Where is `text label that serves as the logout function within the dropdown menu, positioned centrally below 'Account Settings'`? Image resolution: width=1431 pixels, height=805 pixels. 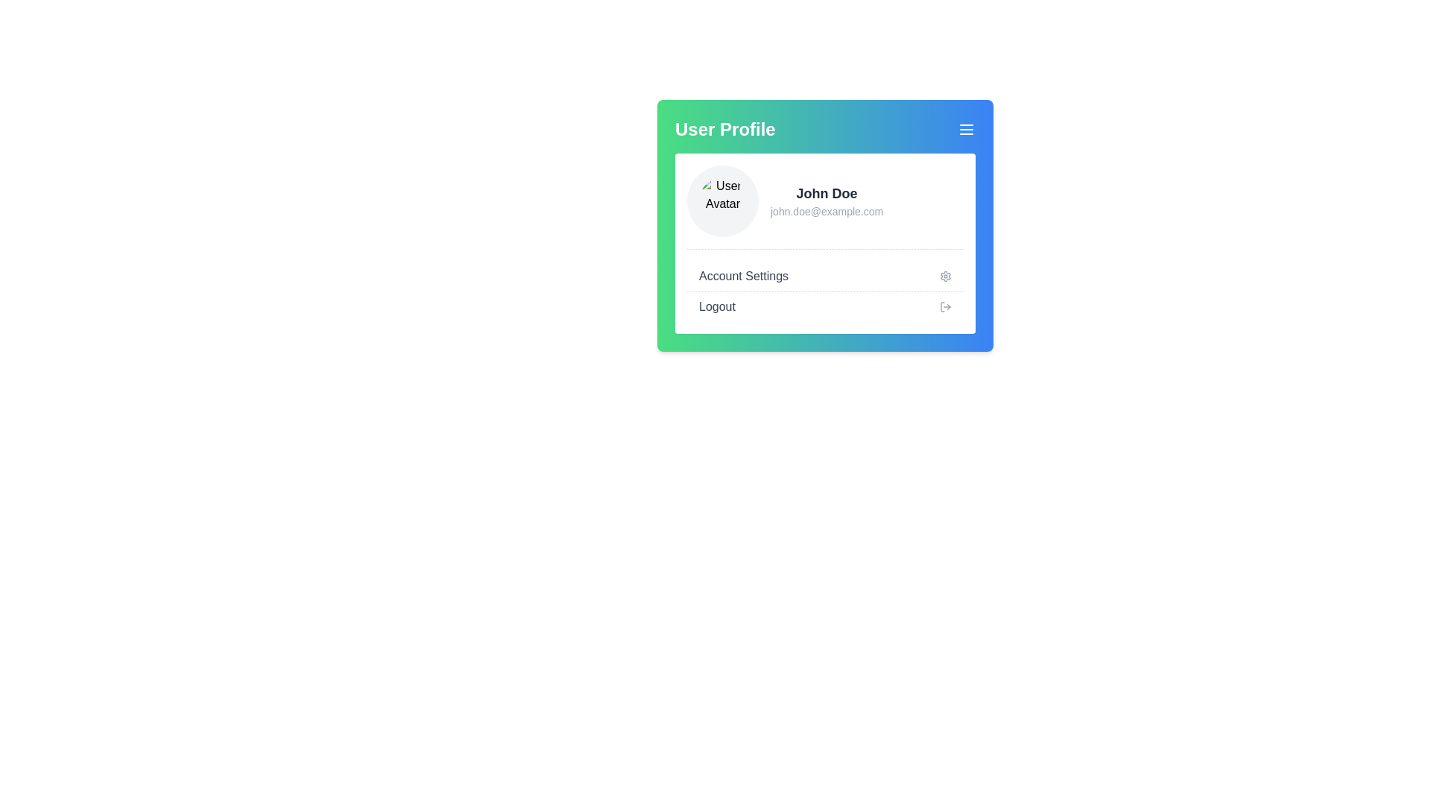 text label that serves as the logout function within the dropdown menu, positioned centrally below 'Account Settings' is located at coordinates (717, 306).